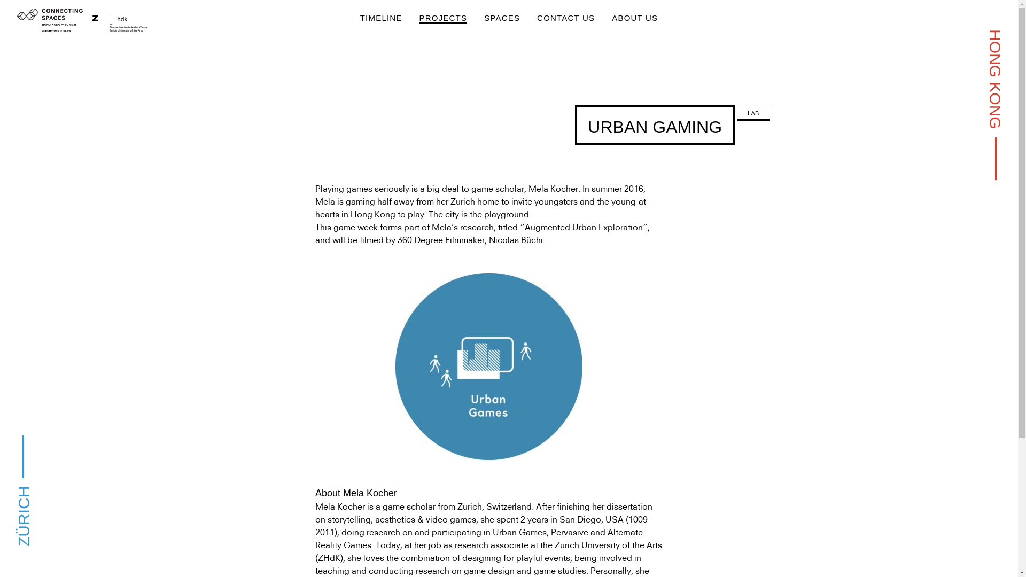 Image resolution: width=1026 pixels, height=577 pixels. What do you see at coordinates (565, 18) in the screenshot?
I see `'CONTACT US'` at bounding box center [565, 18].